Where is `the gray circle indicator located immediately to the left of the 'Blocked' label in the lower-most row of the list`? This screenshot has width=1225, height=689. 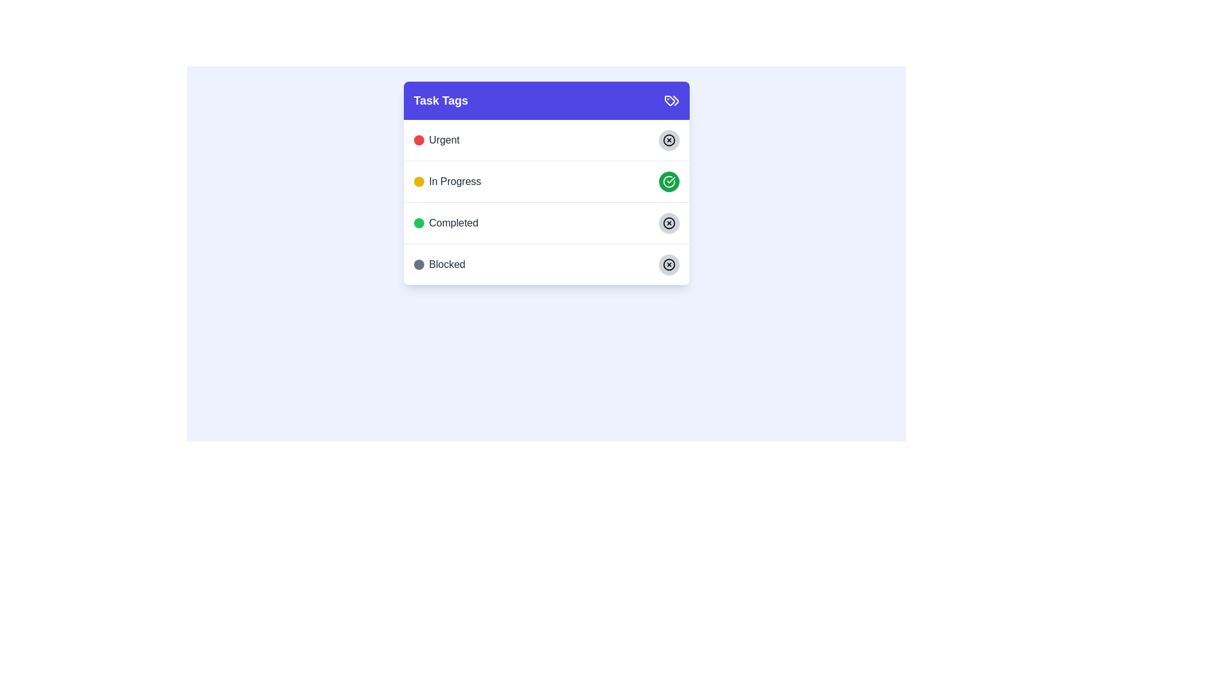 the gray circle indicator located immediately to the left of the 'Blocked' label in the lower-most row of the list is located at coordinates (419, 264).